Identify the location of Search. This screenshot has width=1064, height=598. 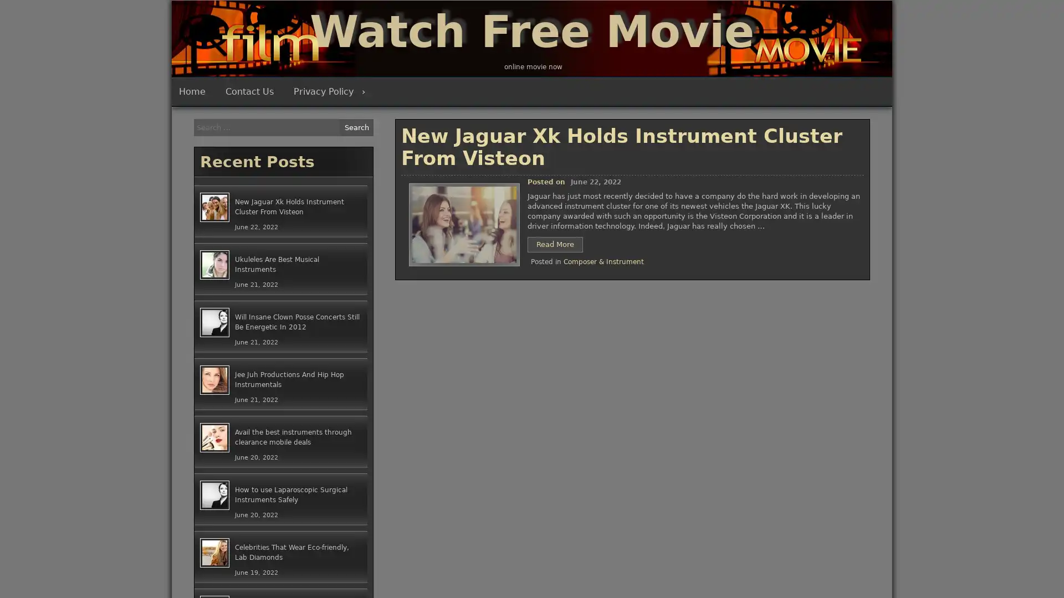
(356, 127).